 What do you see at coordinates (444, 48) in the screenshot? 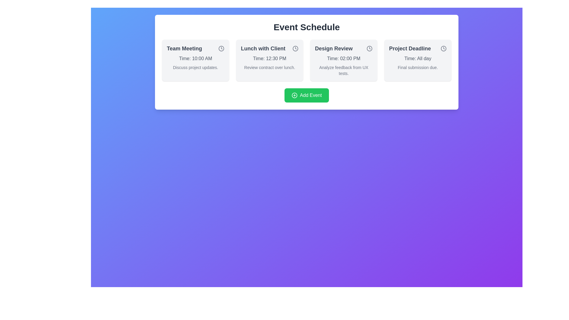
I see `the central circle of the clock-like icon located in the top-right of the 'Project Deadline' section in the event card layout` at bounding box center [444, 48].